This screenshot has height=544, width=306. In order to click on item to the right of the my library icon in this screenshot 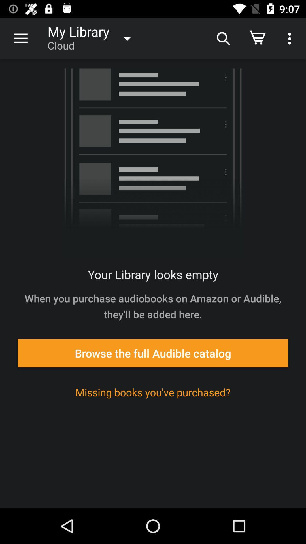, I will do `click(222, 38)`.